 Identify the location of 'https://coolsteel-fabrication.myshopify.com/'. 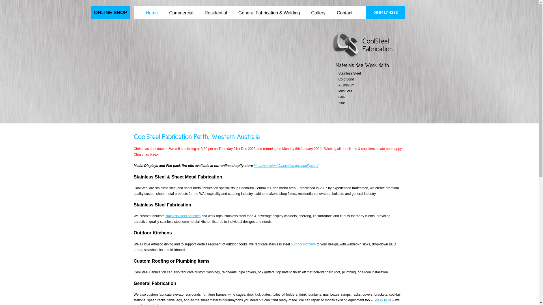
(286, 165).